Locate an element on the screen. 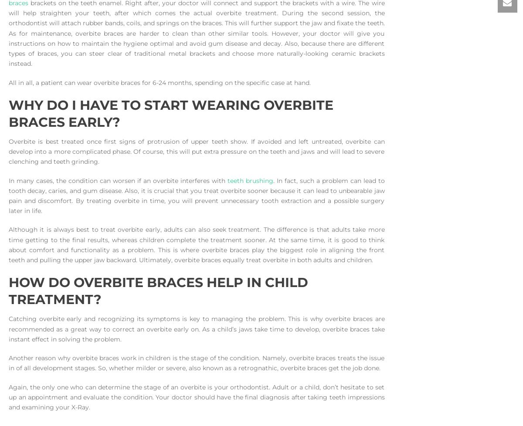  'teeth brushing' is located at coordinates (249, 179).